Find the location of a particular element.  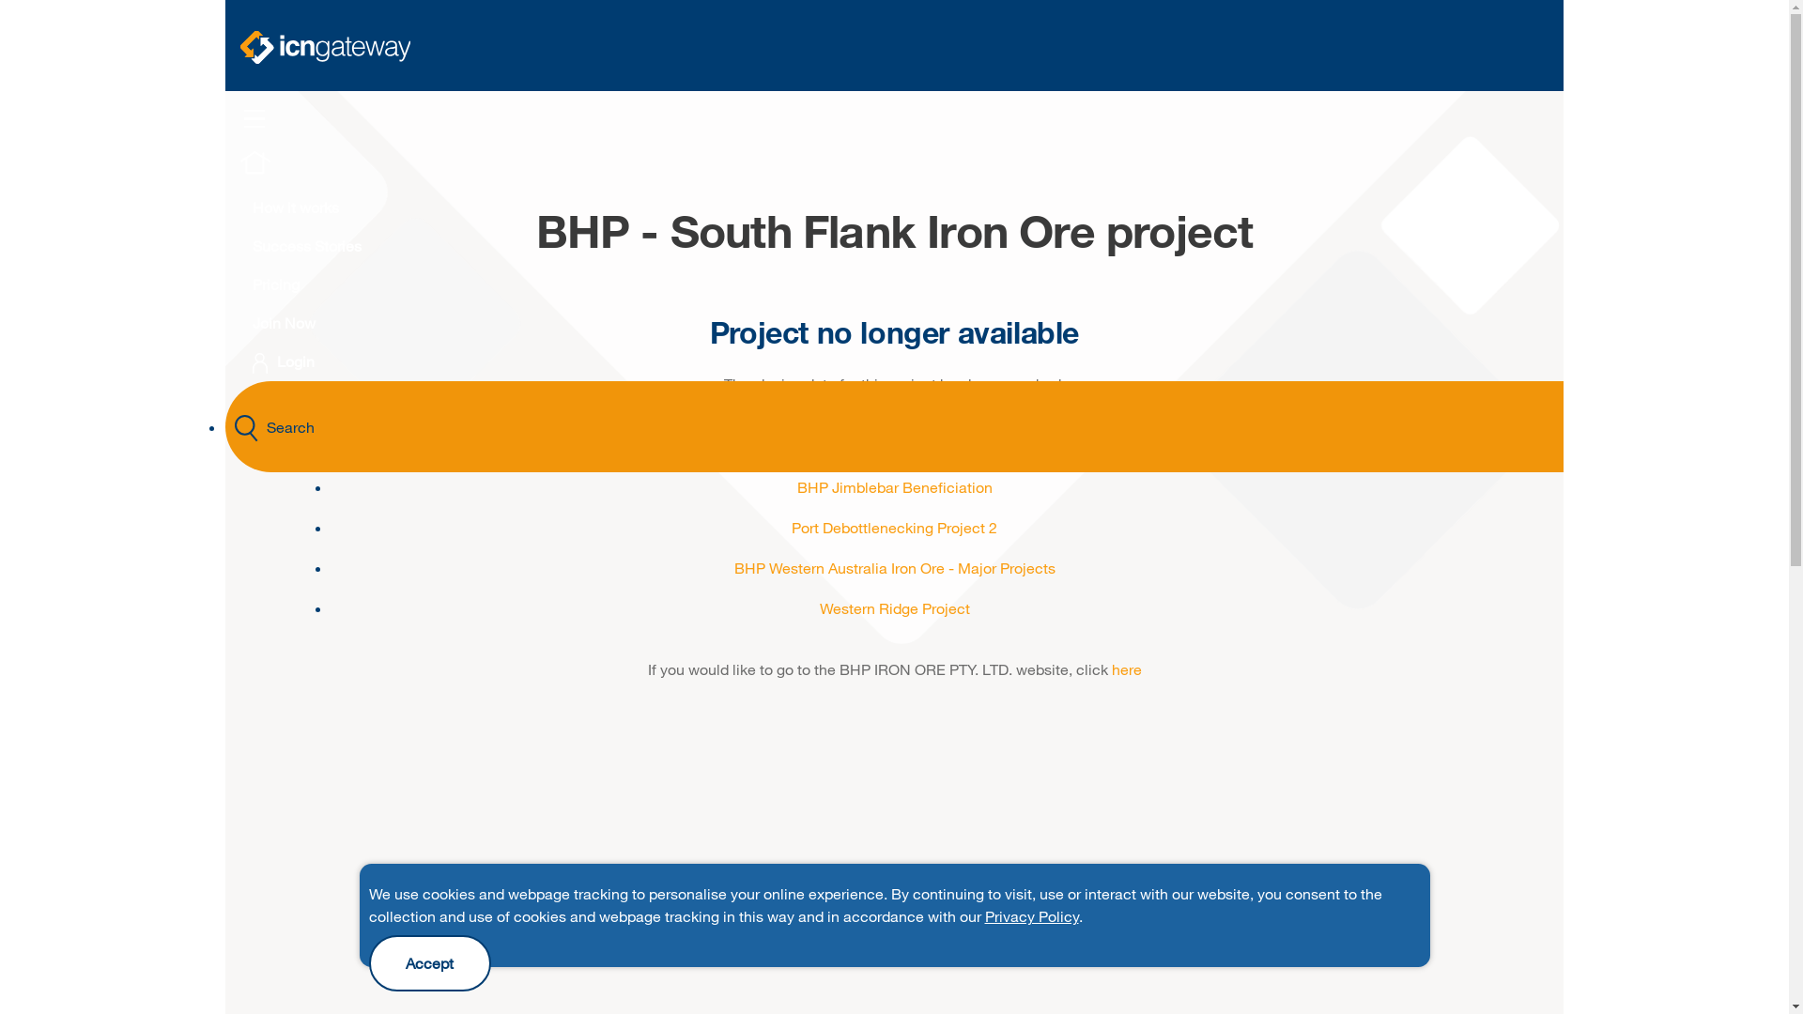

'Login menu' is located at coordinates (259, 362).